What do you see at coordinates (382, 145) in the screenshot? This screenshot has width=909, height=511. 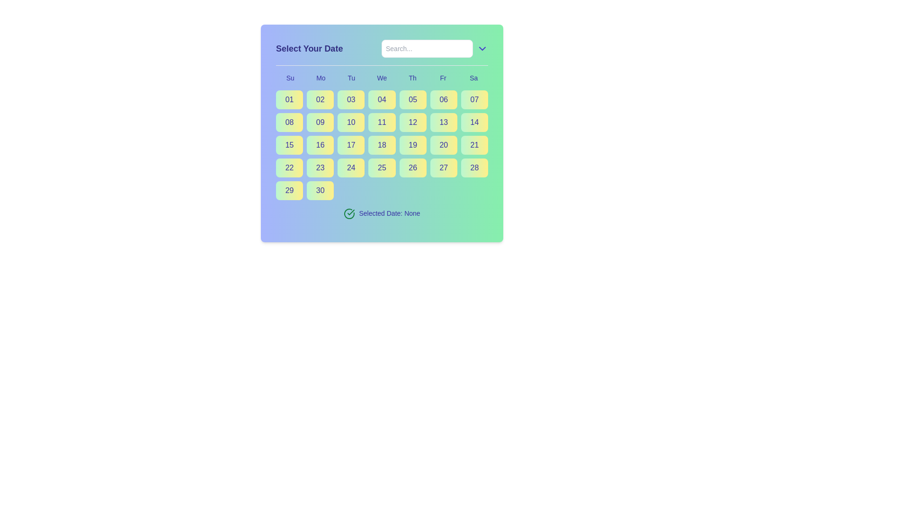 I see `the button labeled '18' which is the fourth button in the third row of a grid layout` at bounding box center [382, 145].